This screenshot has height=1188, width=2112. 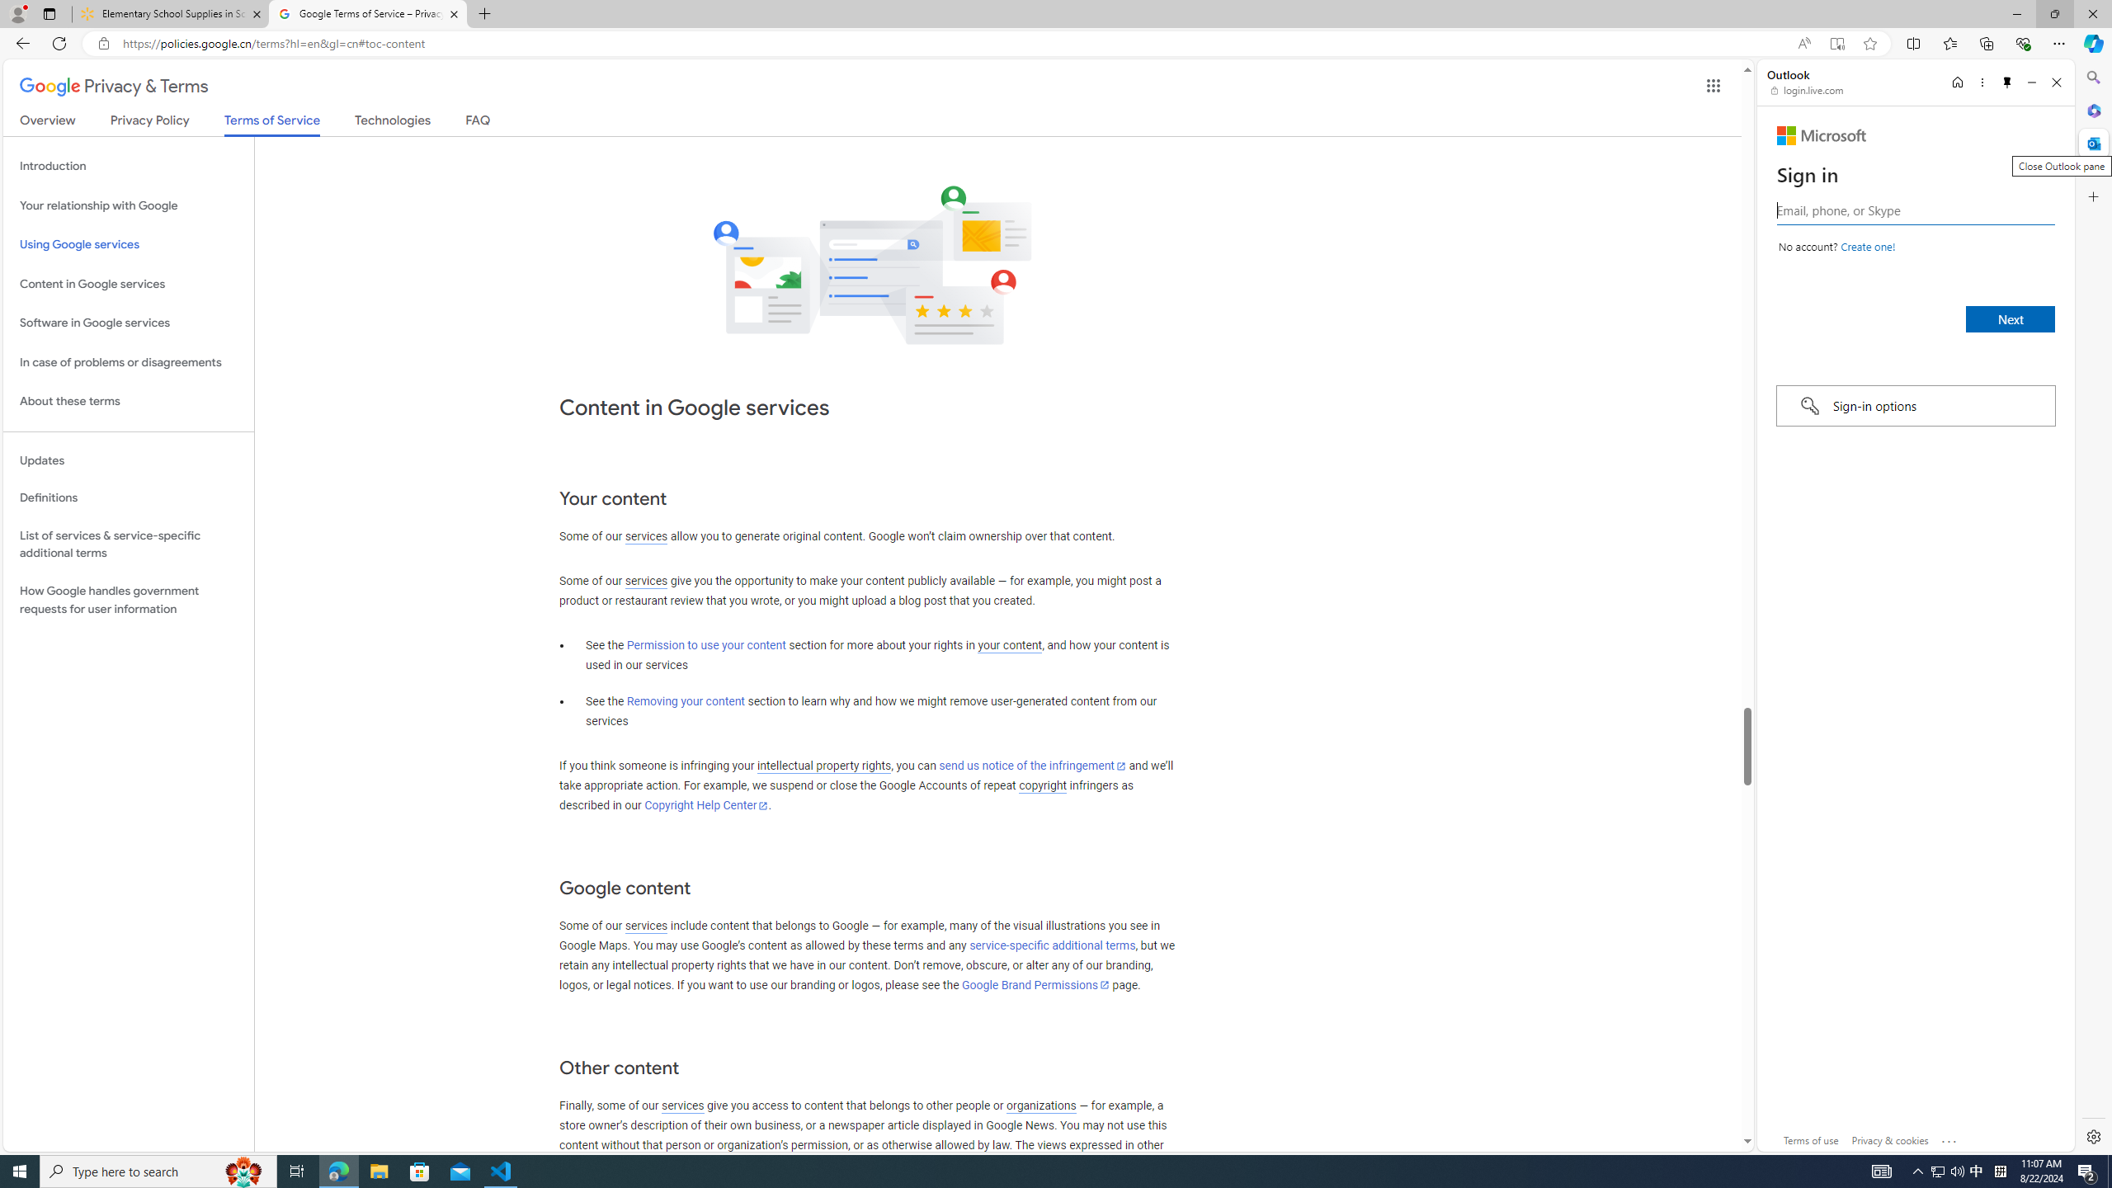 What do you see at coordinates (1807, 89) in the screenshot?
I see `'login.live.com'` at bounding box center [1807, 89].